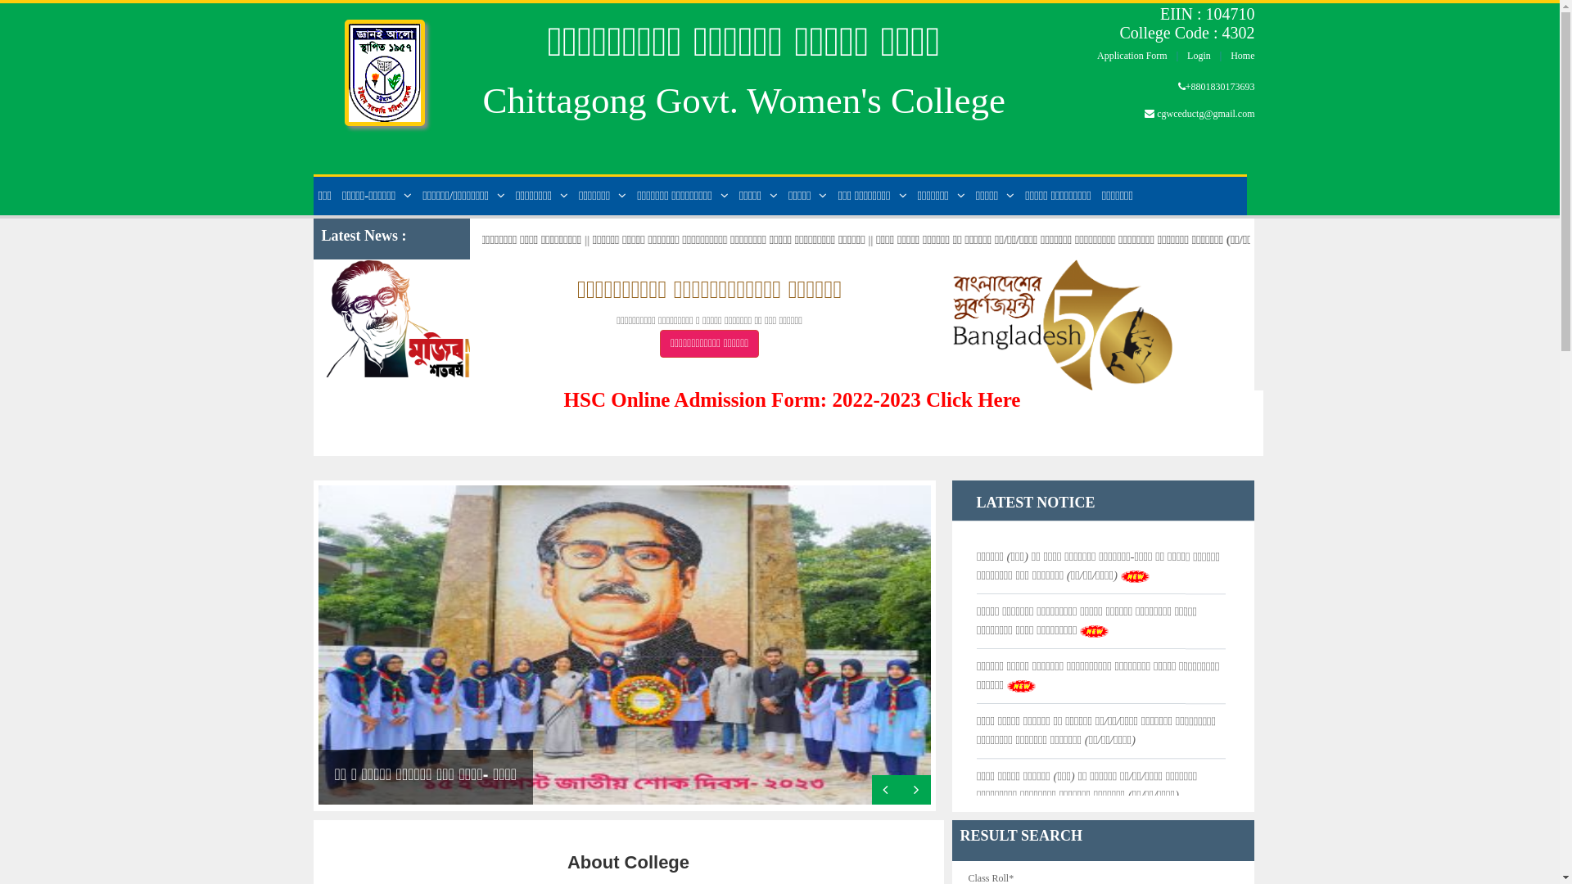 The width and height of the screenshot is (1572, 884). What do you see at coordinates (1131, 55) in the screenshot?
I see `'Application Form'` at bounding box center [1131, 55].